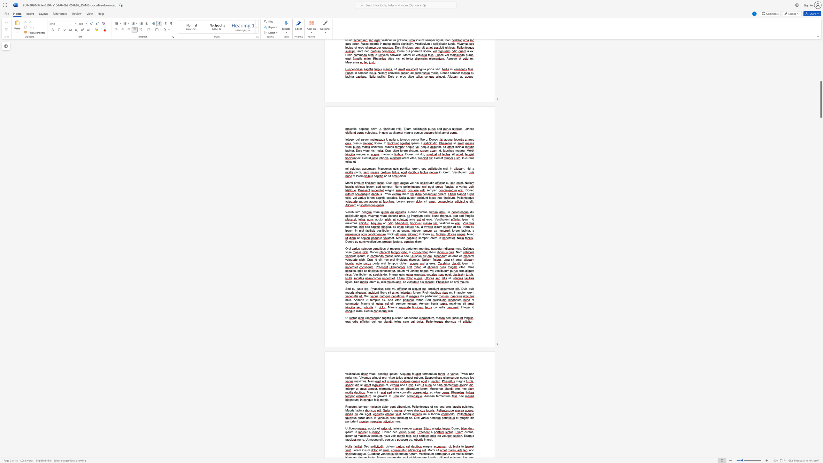  What do you see at coordinates (423, 303) in the screenshot?
I see `the space between the continuous character "e" and "n" in the text` at bounding box center [423, 303].